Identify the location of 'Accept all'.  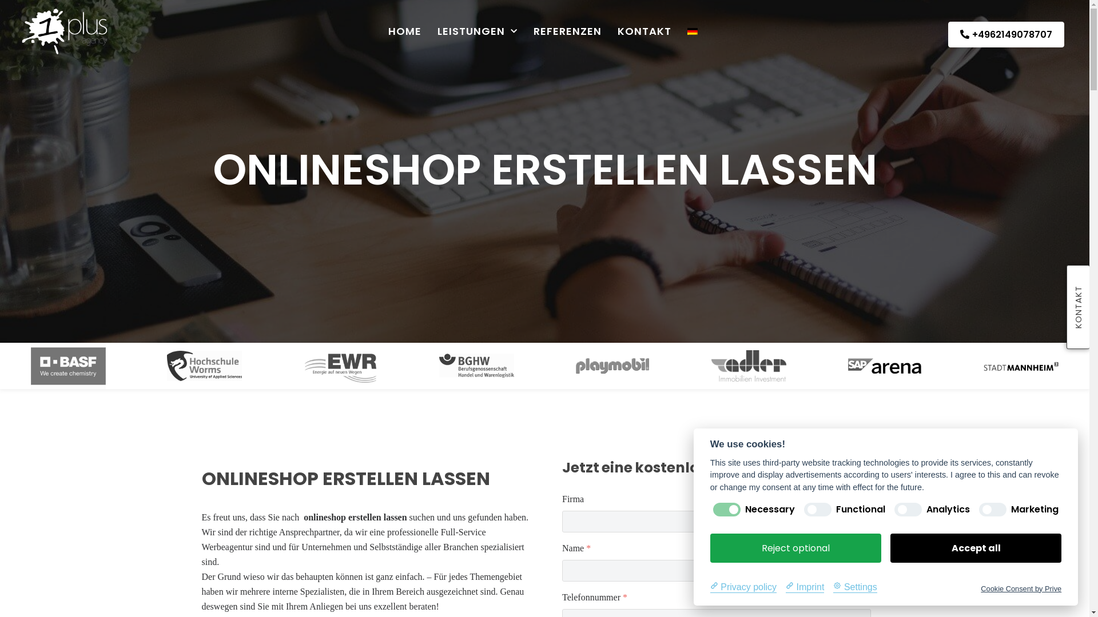
(889, 547).